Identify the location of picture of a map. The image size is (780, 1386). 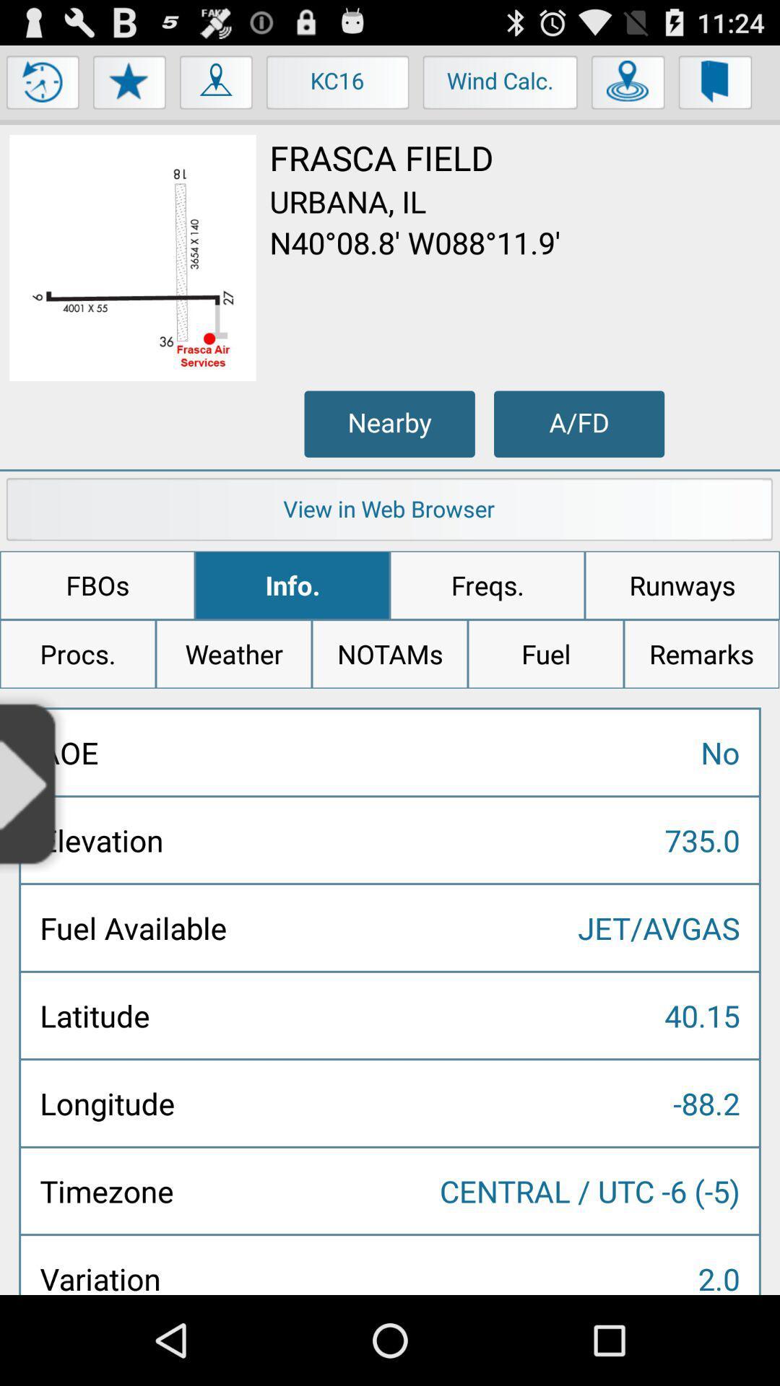
(133, 258).